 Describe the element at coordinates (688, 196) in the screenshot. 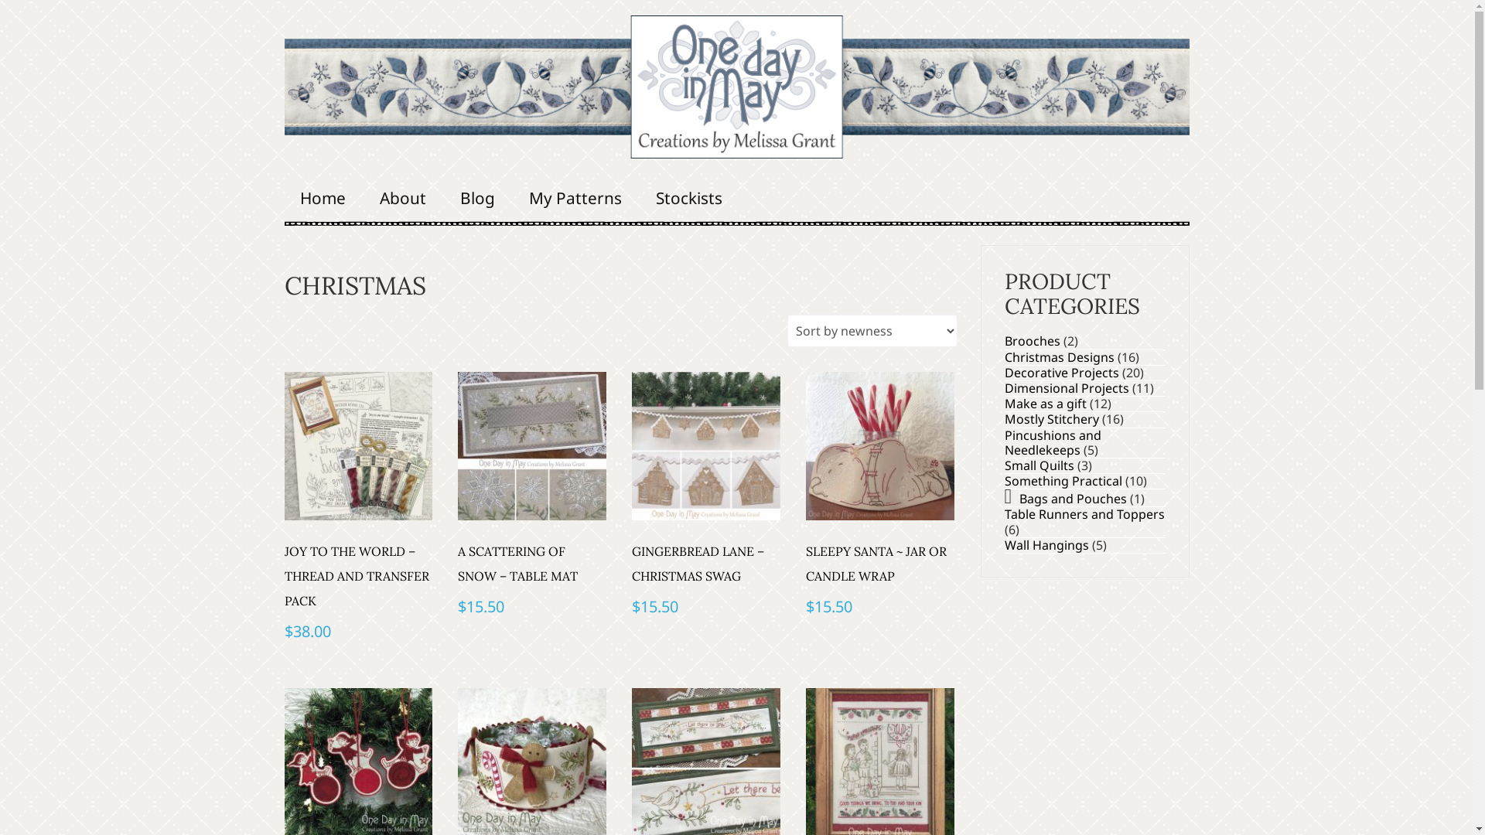

I see `'Stockists'` at that location.